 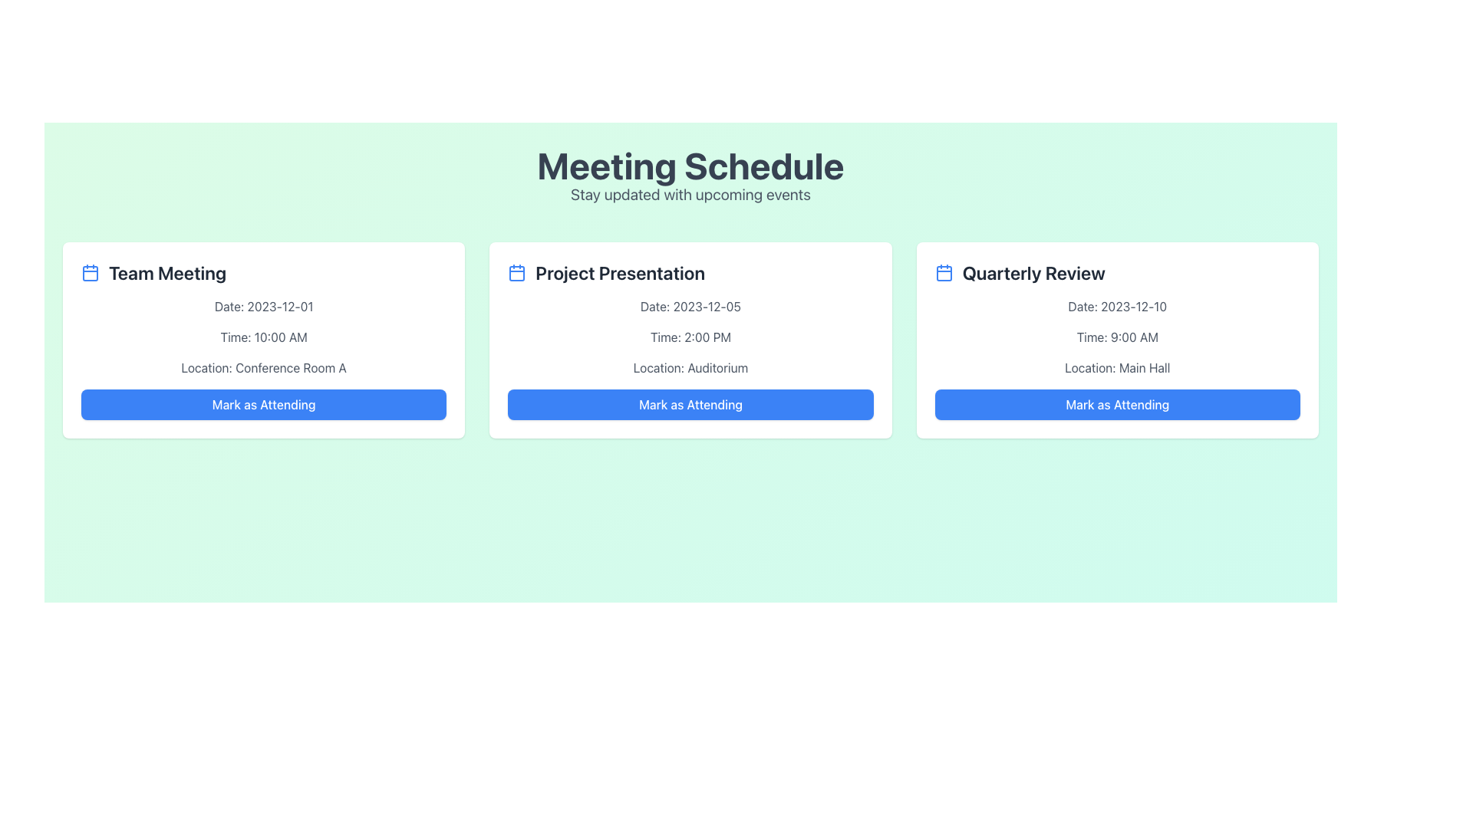 What do you see at coordinates (90, 271) in the screenshot?
I see `the calendar icon located to the left of the 'Team Meeting' text in the header section of the event card` at bounding box center [90, 271].